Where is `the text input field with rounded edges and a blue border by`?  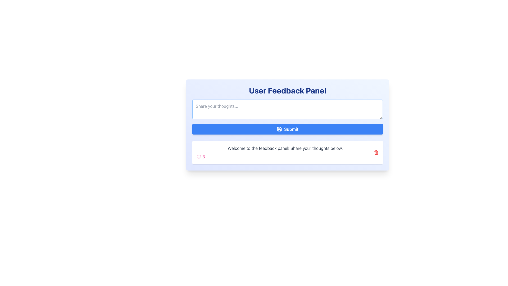
the text input field with rounded edges and a blue border by is located at coordinates (287, 109).